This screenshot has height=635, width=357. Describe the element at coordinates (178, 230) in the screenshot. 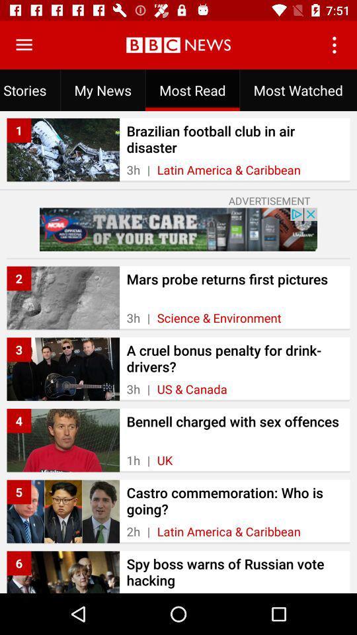

I see `announcement` at that location.